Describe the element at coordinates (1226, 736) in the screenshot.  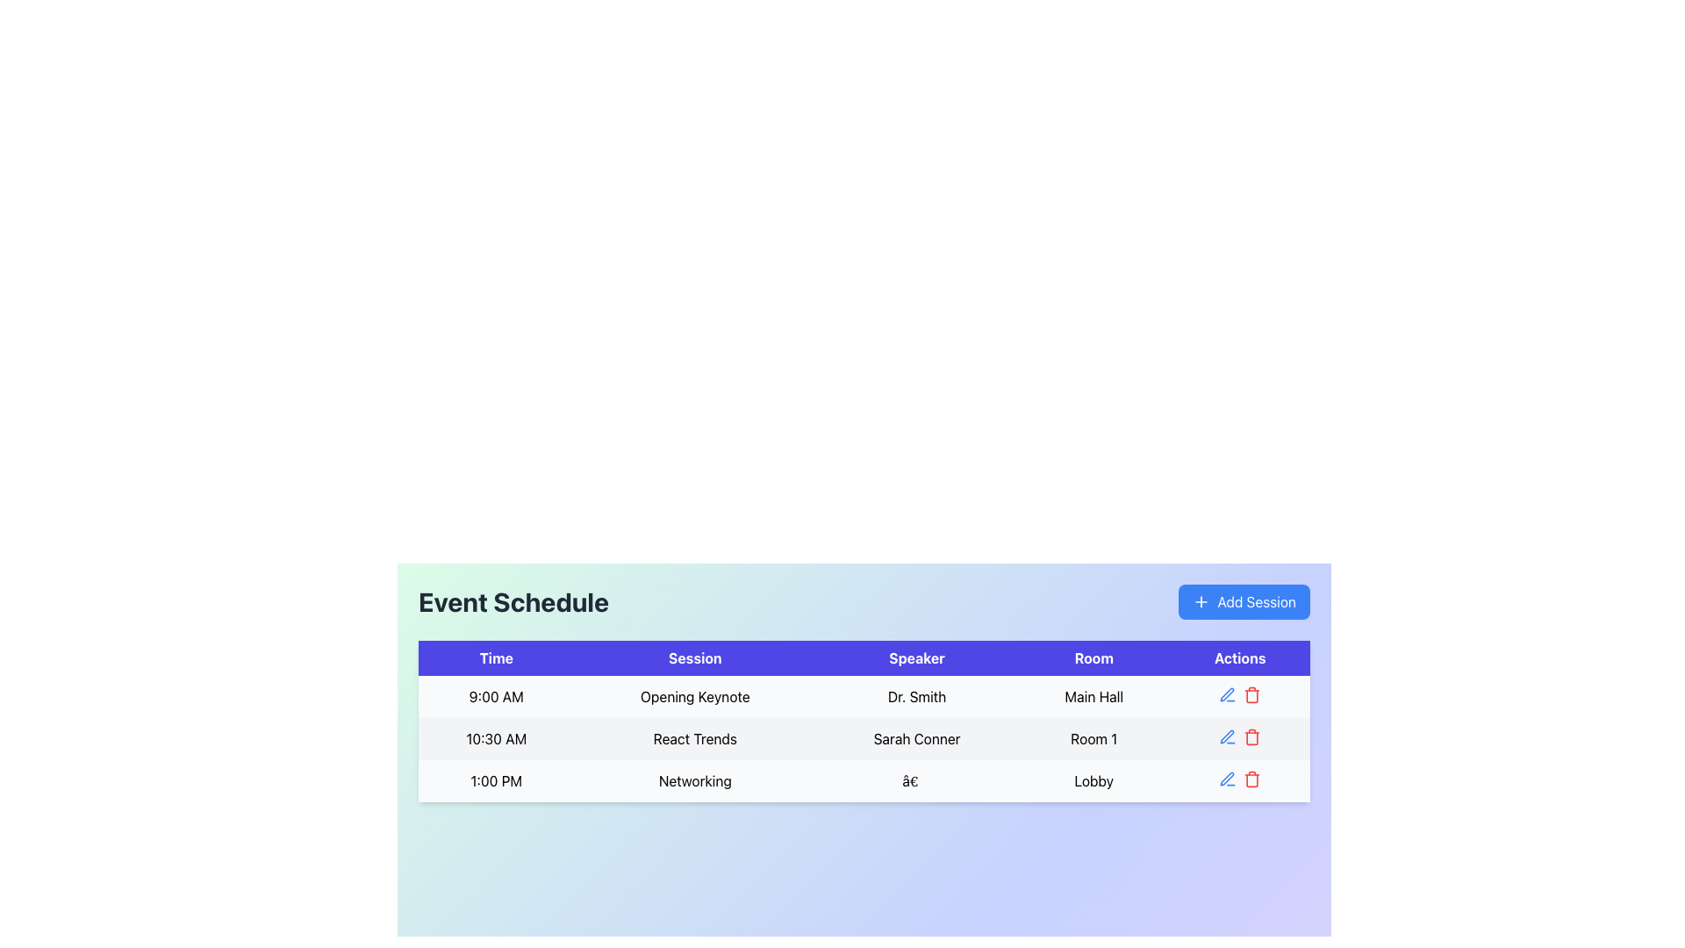
I see `the edit icon located in the 'Actions' column of the second row in the schedule table` at that location.